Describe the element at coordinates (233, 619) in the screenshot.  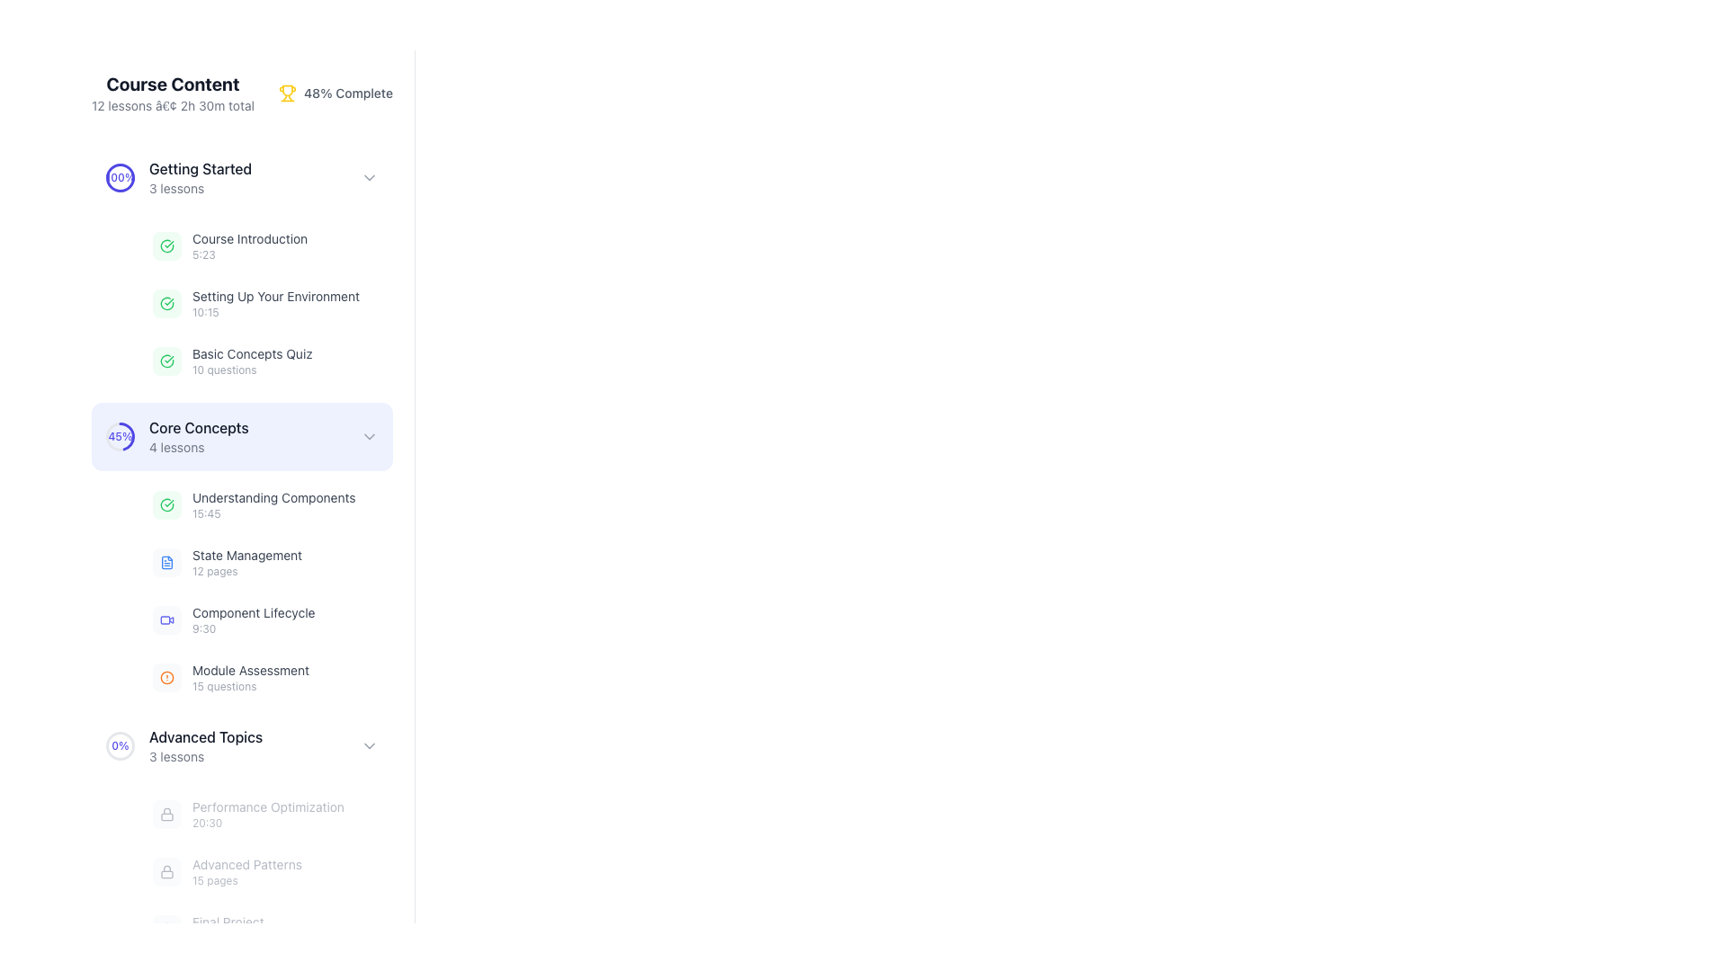
I see `the 'Component Lifecycle' lesson module under the 'Core Concepts' section` at that location.